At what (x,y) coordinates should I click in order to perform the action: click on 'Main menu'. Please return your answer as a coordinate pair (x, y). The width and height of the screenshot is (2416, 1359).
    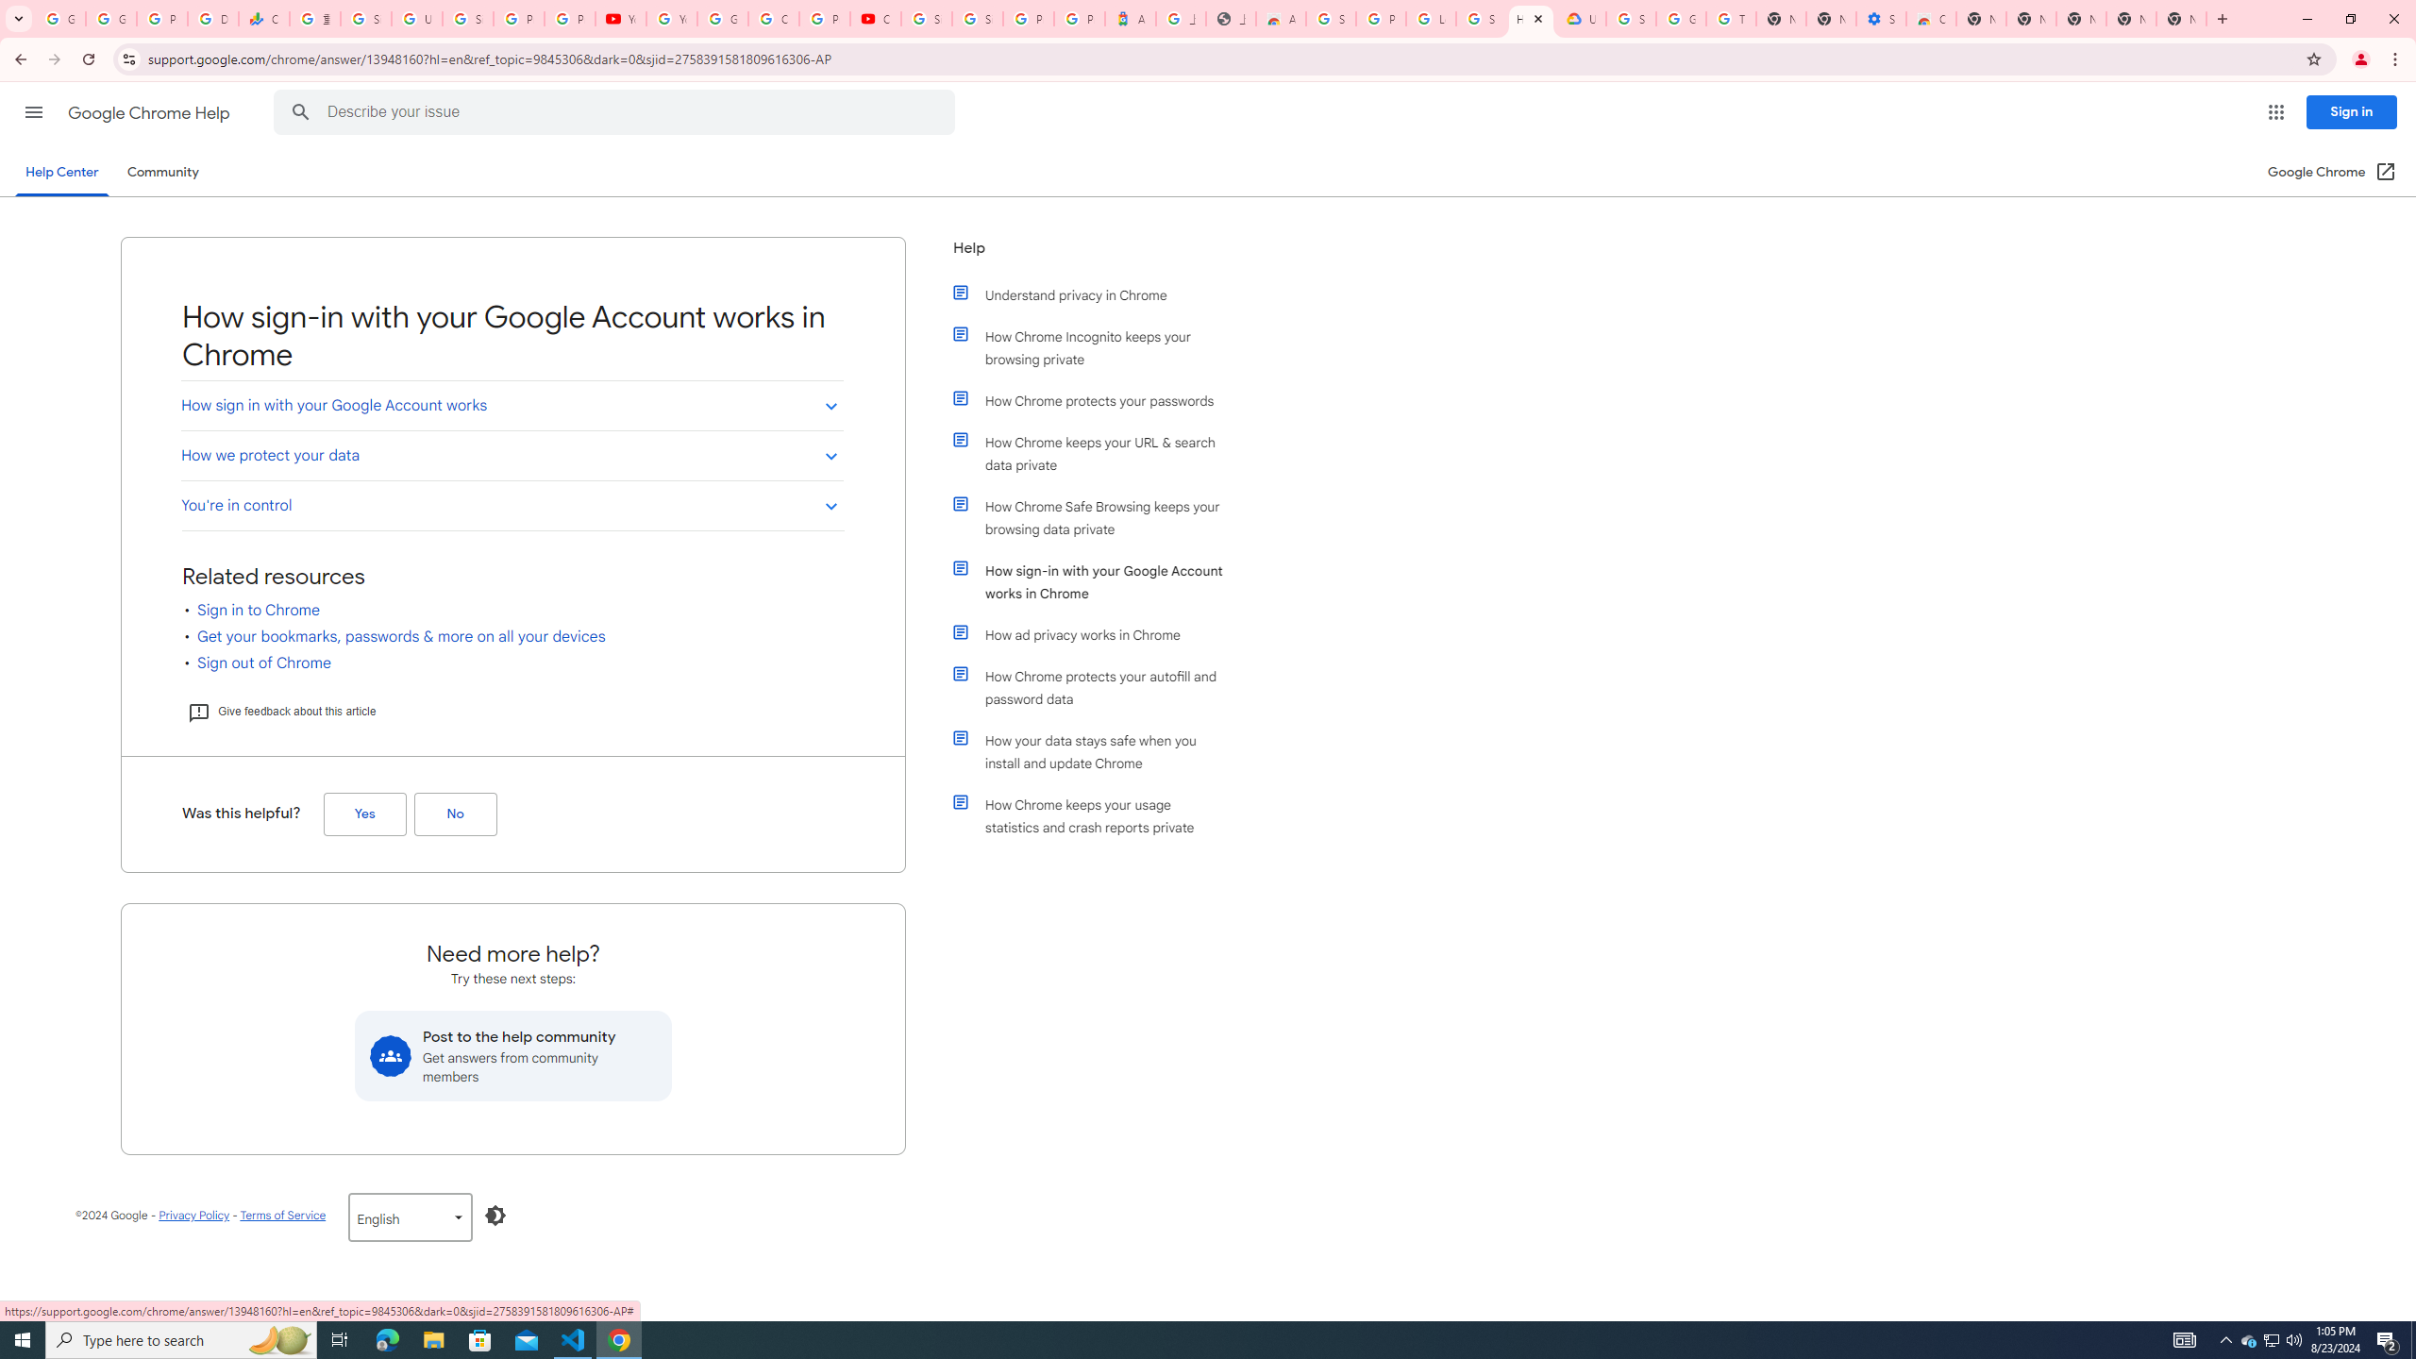
    Looking at the image, I should click on (32, 111).